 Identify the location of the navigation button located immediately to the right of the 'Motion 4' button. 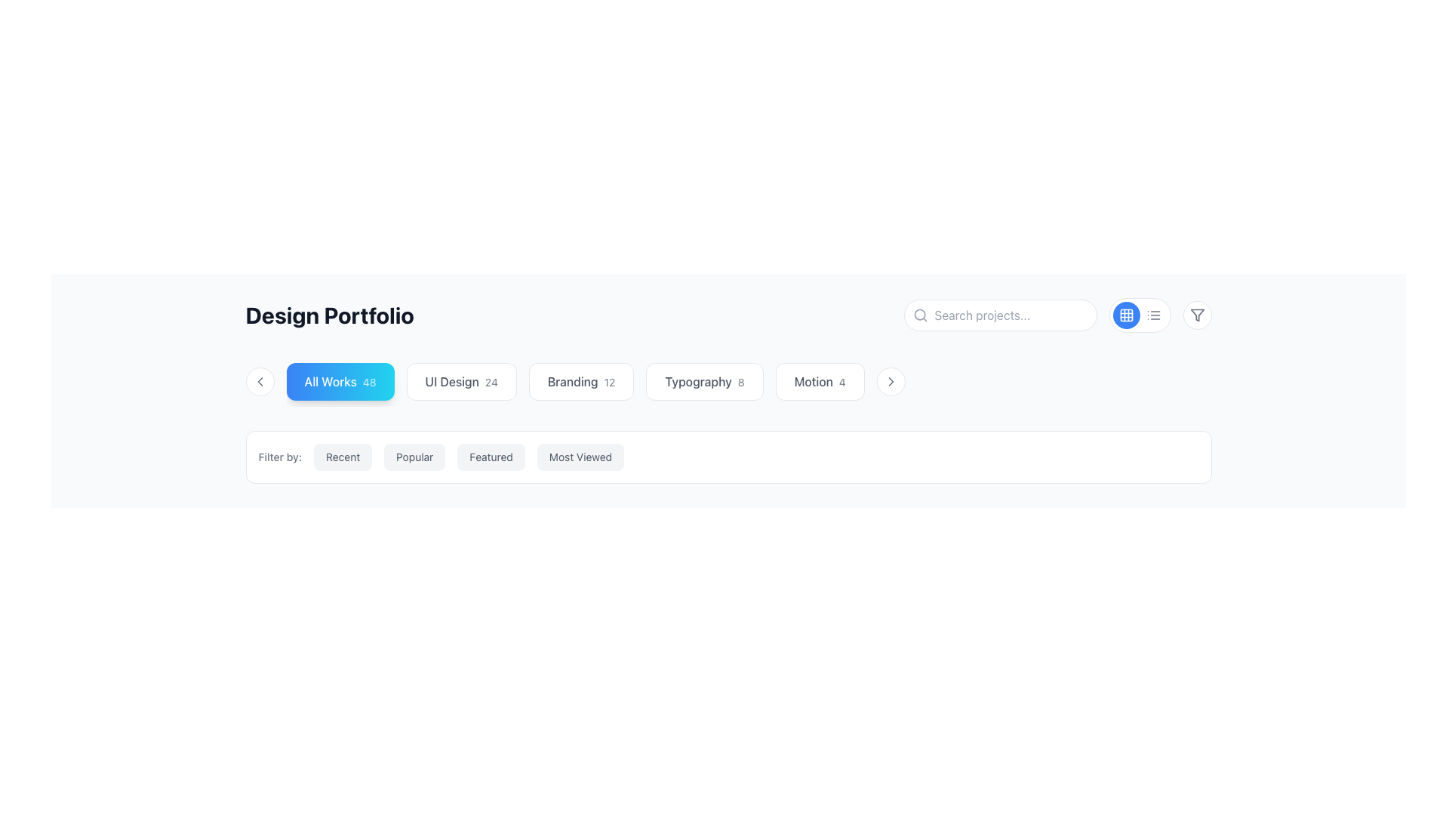
(891, 380).